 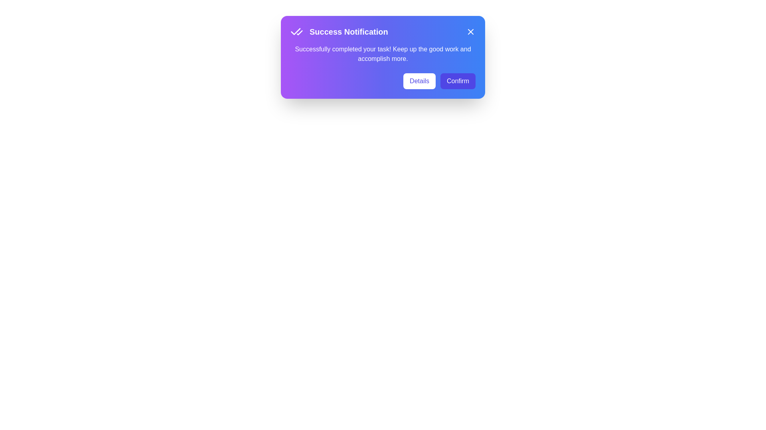 I want to click on 'Details' button to view more information, so click(x=419, y=81).